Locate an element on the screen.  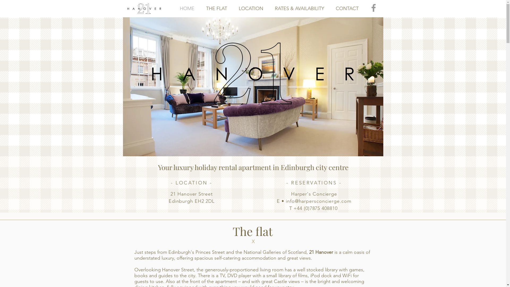
'HOME' is located at coordinates (187, 9).